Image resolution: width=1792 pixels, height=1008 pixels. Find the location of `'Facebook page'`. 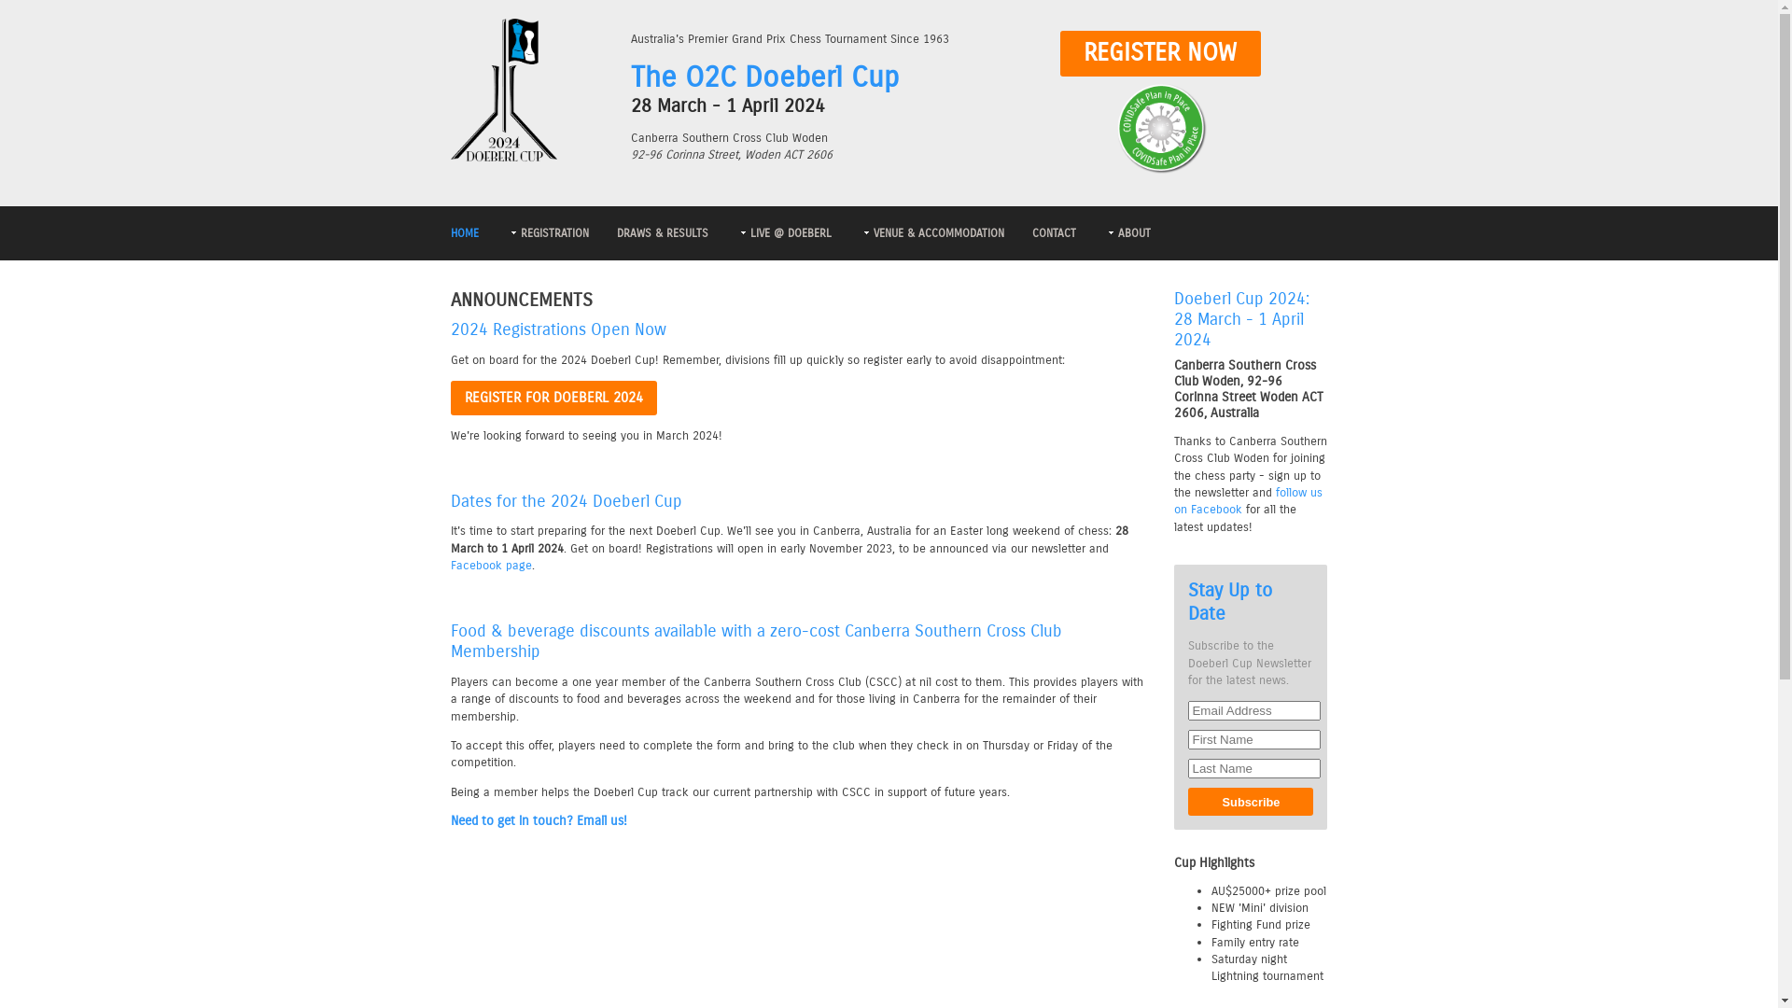

'Facebook page' is located at coordinates (490, 564).